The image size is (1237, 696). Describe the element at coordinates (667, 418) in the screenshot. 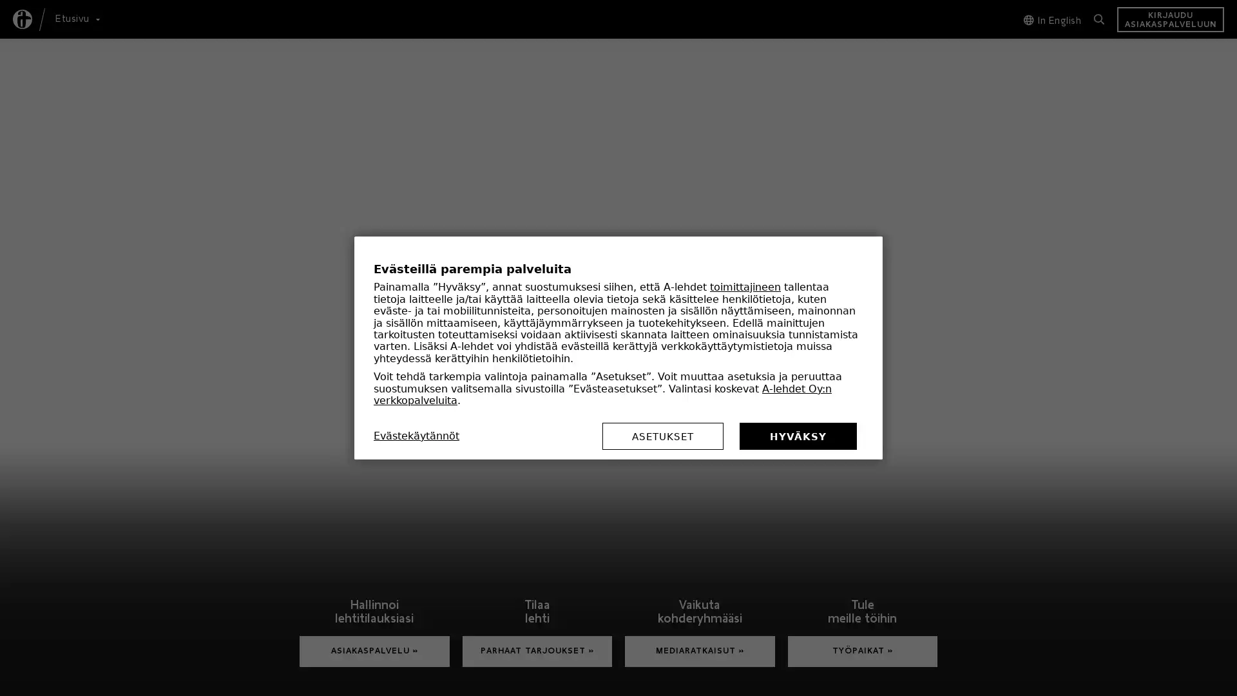

I see `ASETUKSET` at that location.